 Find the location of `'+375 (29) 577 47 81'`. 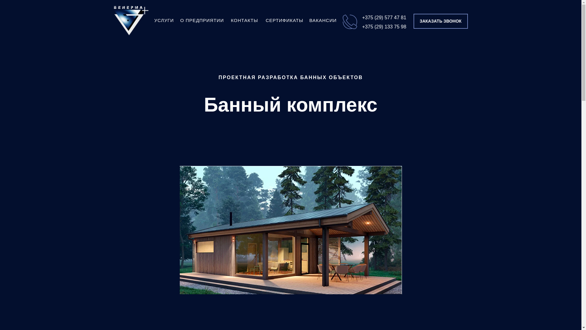

'+375 (29) 577 47 81' is located at coordinates (384, 17).